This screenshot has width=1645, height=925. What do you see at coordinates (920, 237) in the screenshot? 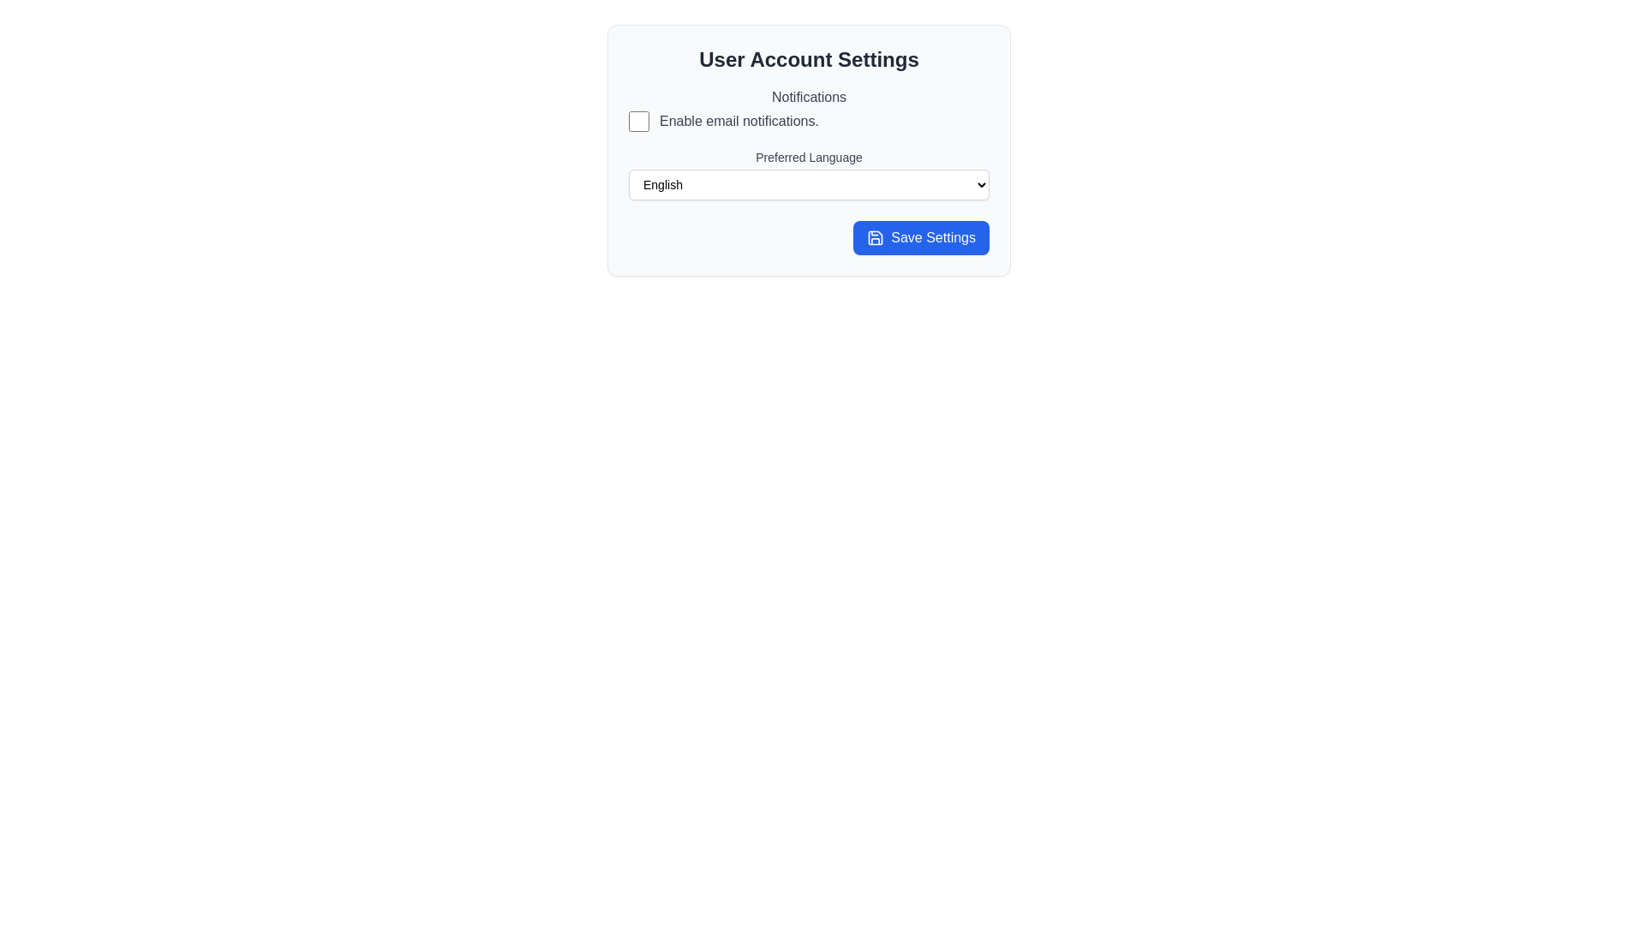
I see `the visually prominent blue button labeled 'Save Settings' located in the bottom-right area of the centered panel` at bounding box center [920, 237].